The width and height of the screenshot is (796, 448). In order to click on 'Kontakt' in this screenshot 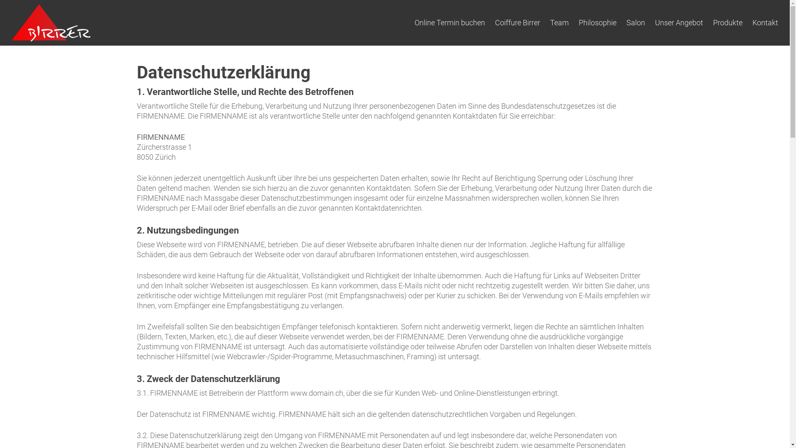, I will do `click(752, 22)`.